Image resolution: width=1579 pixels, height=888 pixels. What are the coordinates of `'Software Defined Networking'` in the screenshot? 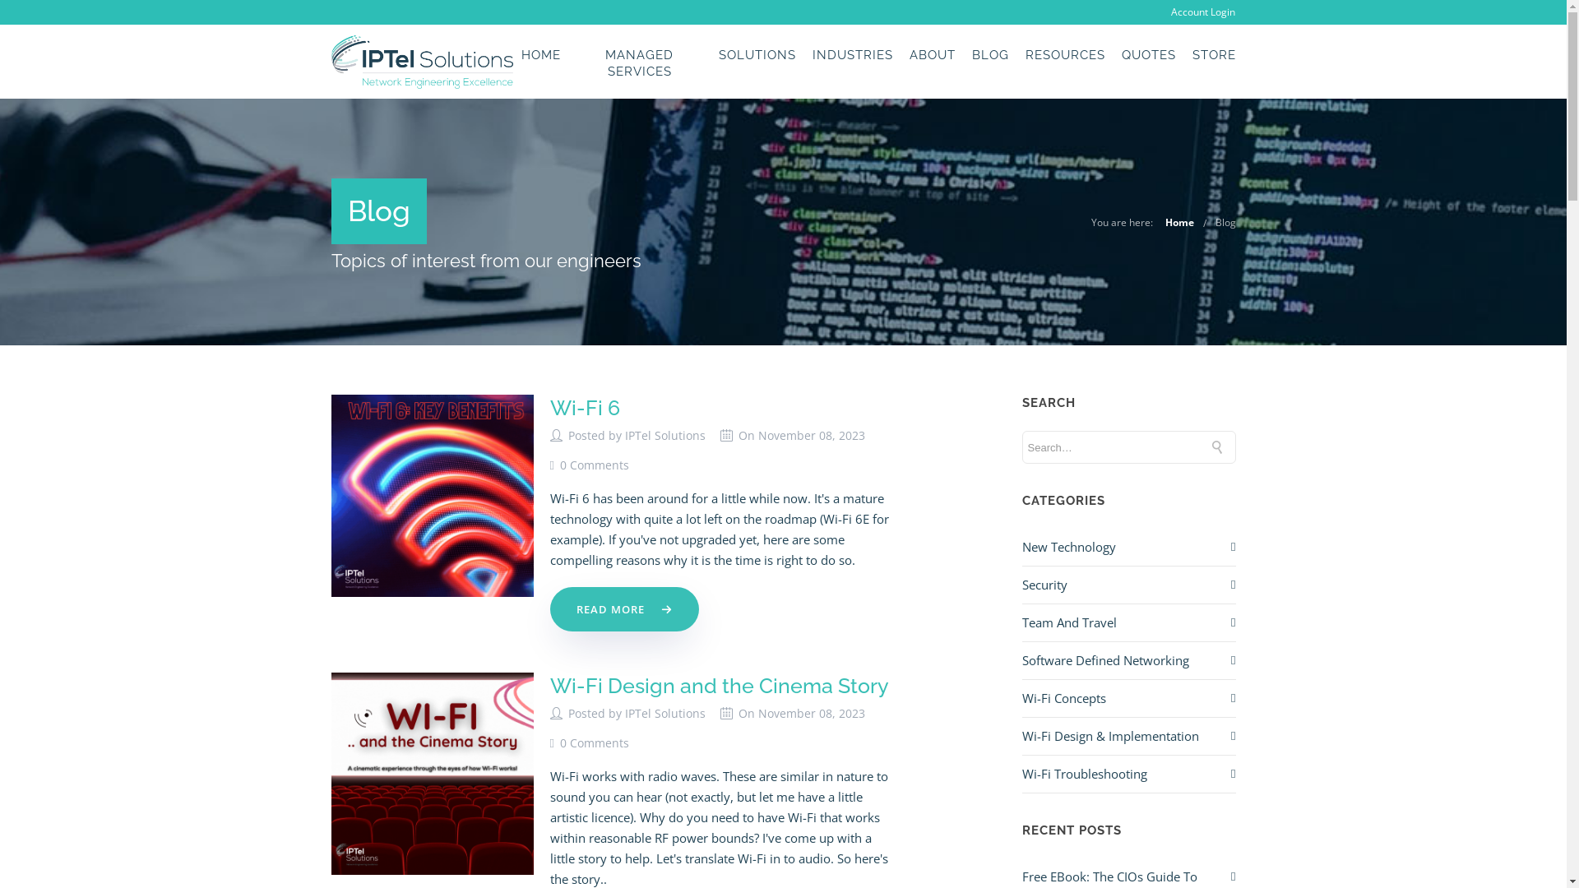 It's located at (1104, 659).